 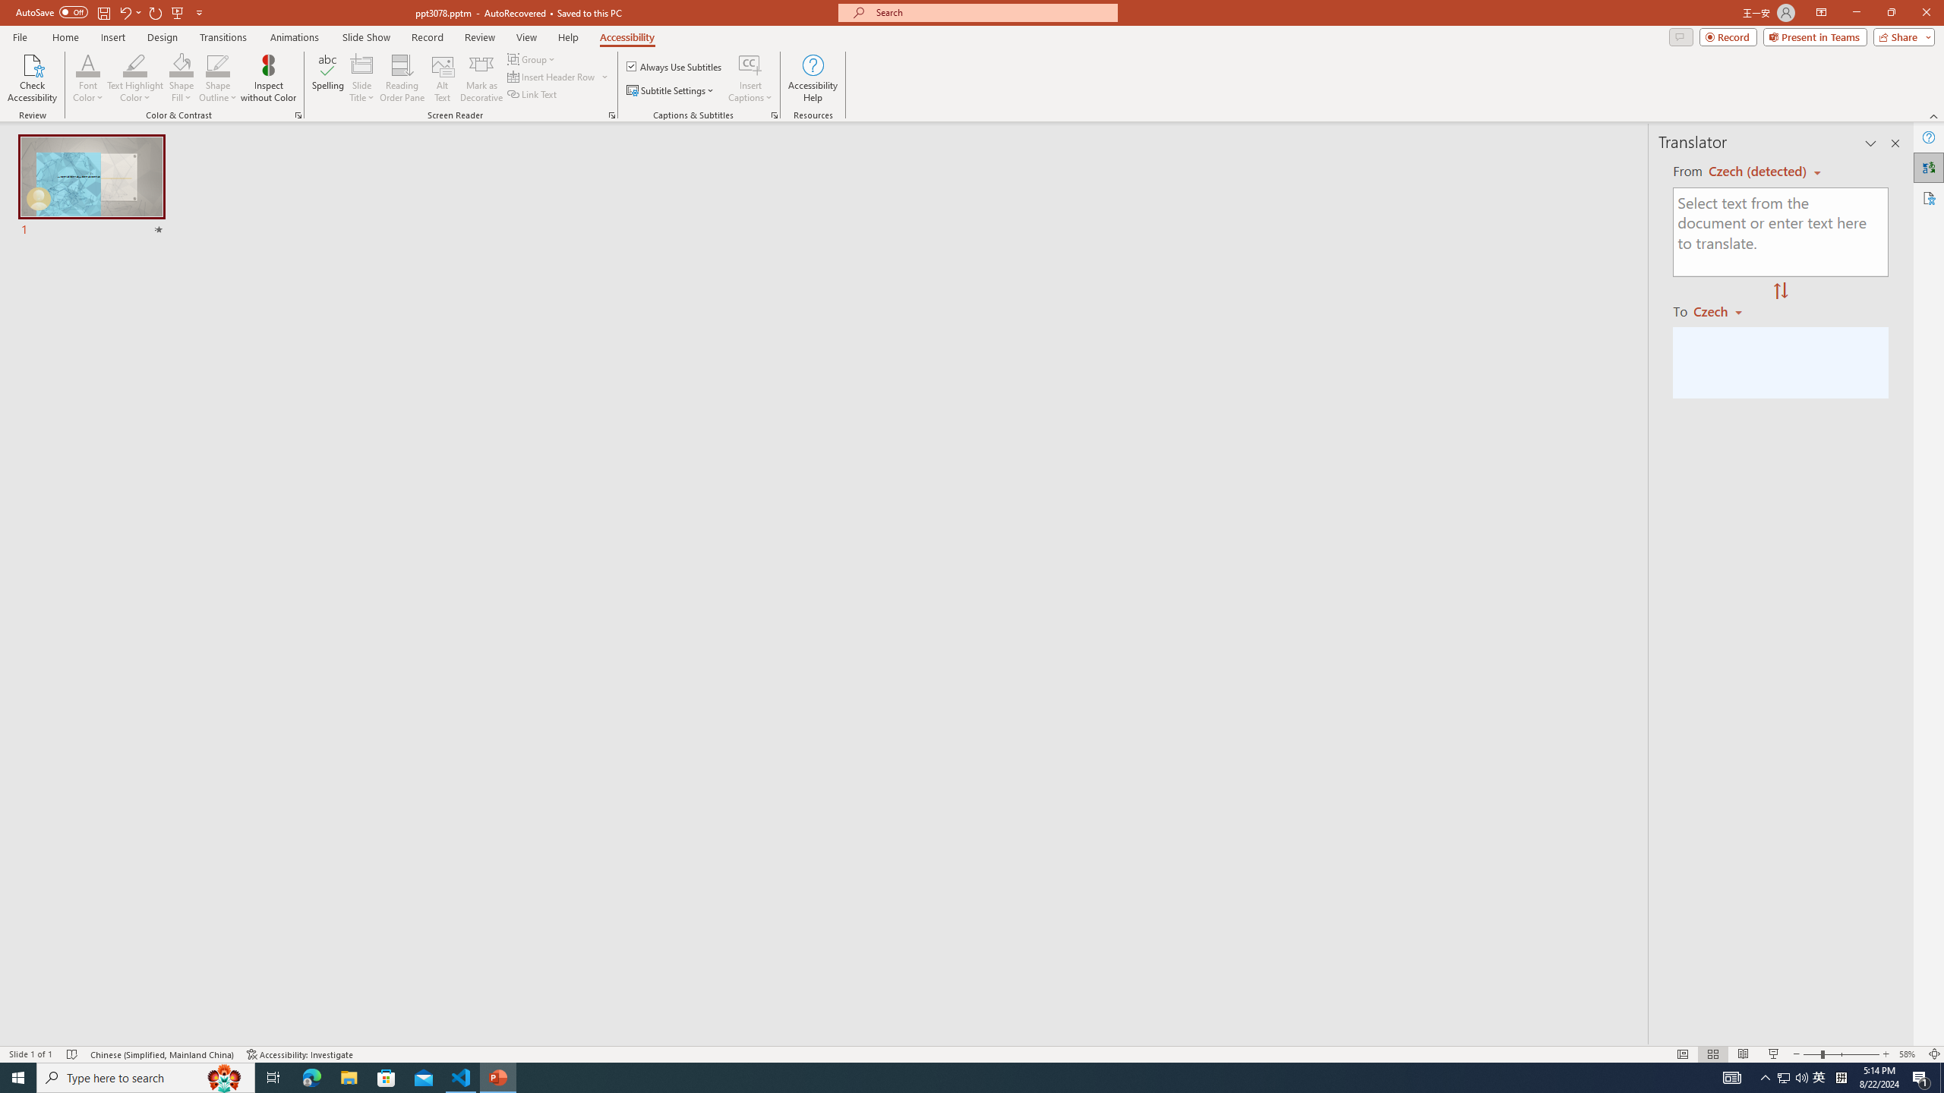 I want to click on 'Accessibility Help', so click(x=813, y=78).